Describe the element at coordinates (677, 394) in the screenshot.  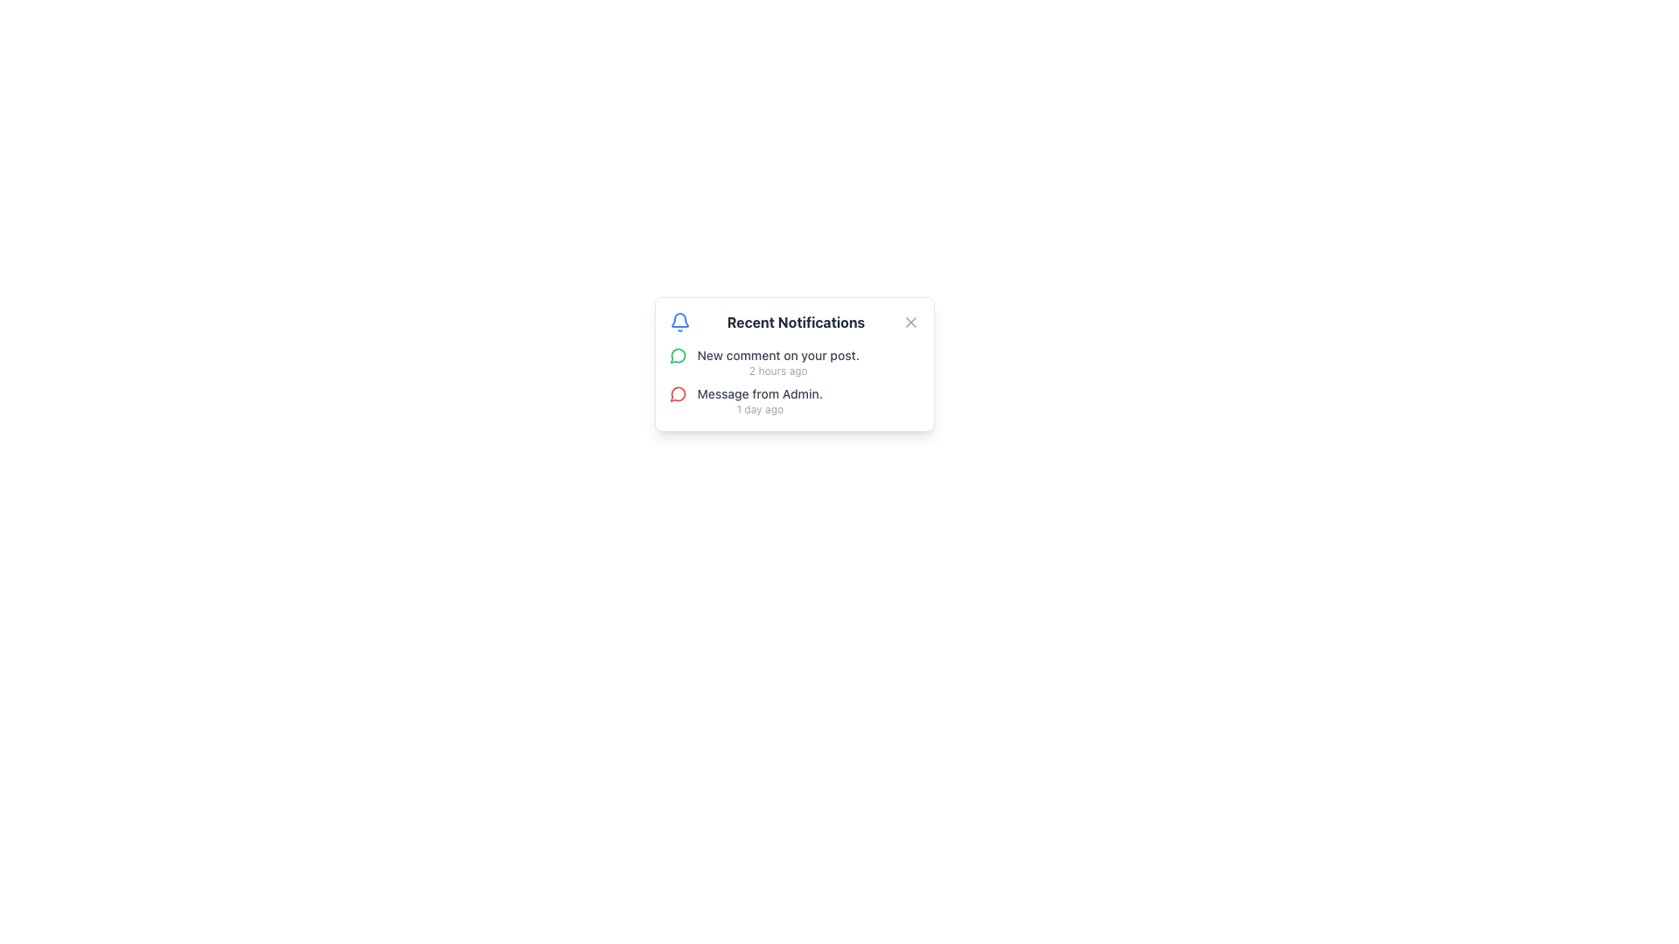
I see `the decorative icon for the 'Message from Admin.' notification located under the headline 'Recent Notifications.'` at that location.